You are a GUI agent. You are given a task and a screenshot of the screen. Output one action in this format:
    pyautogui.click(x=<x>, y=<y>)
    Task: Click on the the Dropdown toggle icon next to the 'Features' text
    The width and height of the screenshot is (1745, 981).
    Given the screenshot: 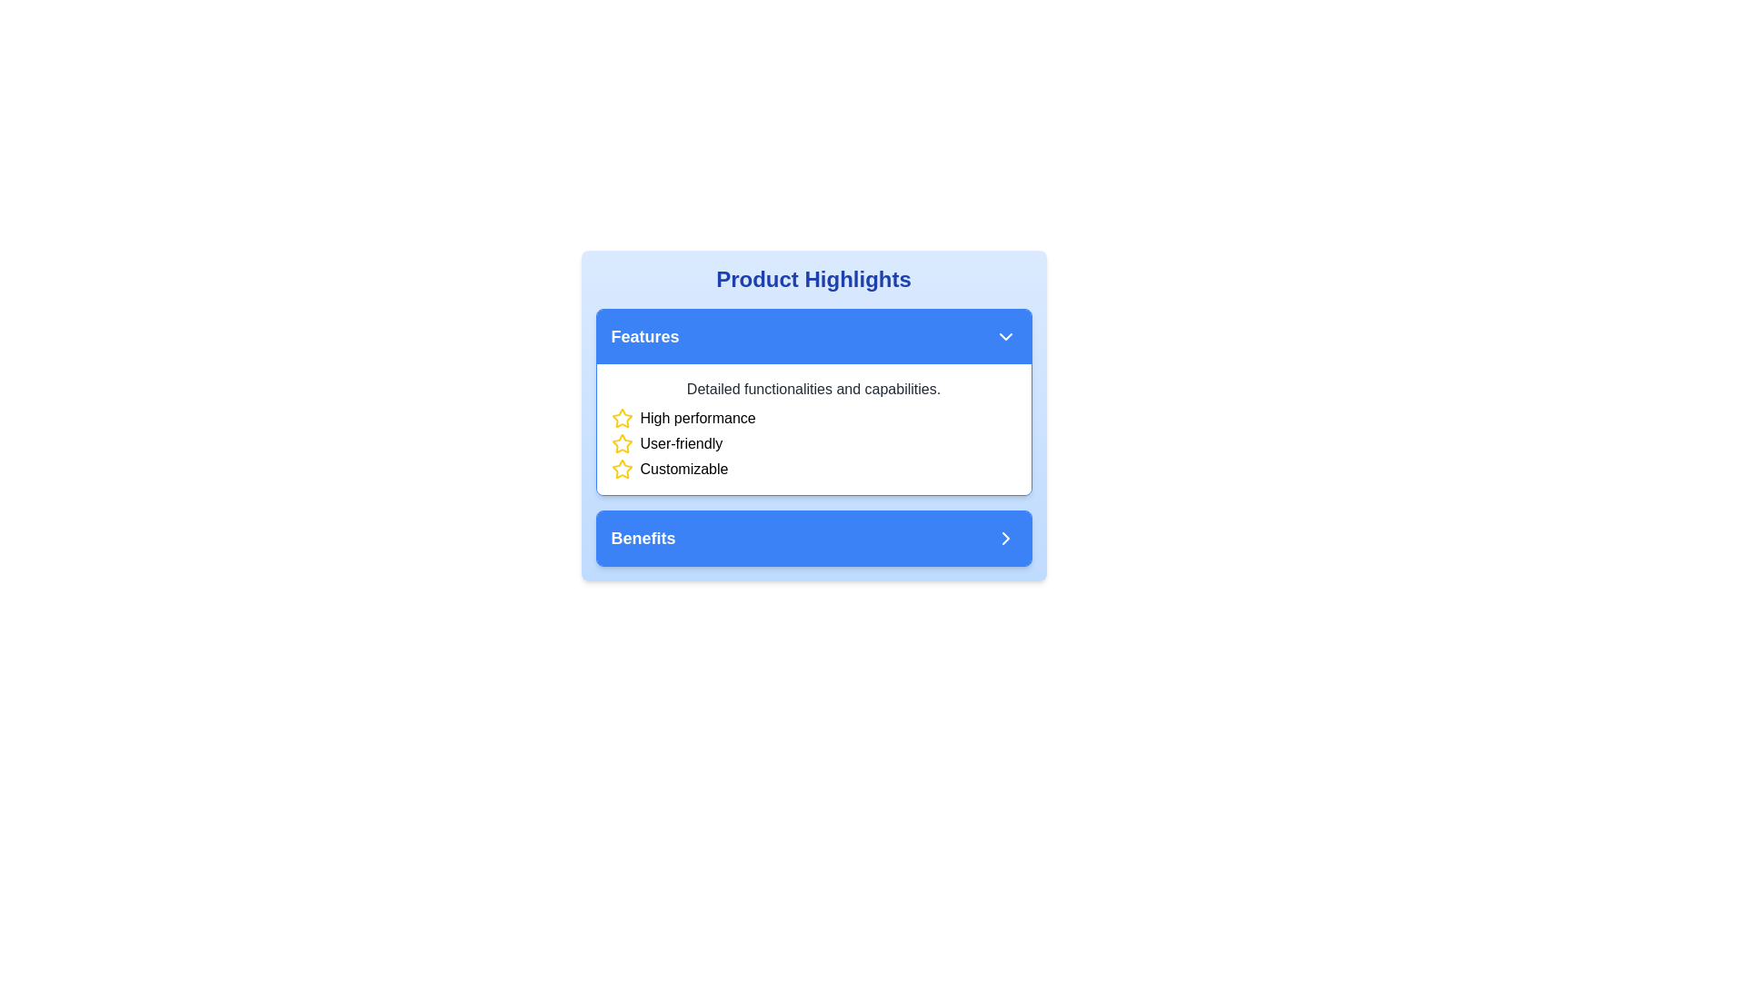 What is the action you would take?
    pyautogui.click(x=1004, y=336)
    